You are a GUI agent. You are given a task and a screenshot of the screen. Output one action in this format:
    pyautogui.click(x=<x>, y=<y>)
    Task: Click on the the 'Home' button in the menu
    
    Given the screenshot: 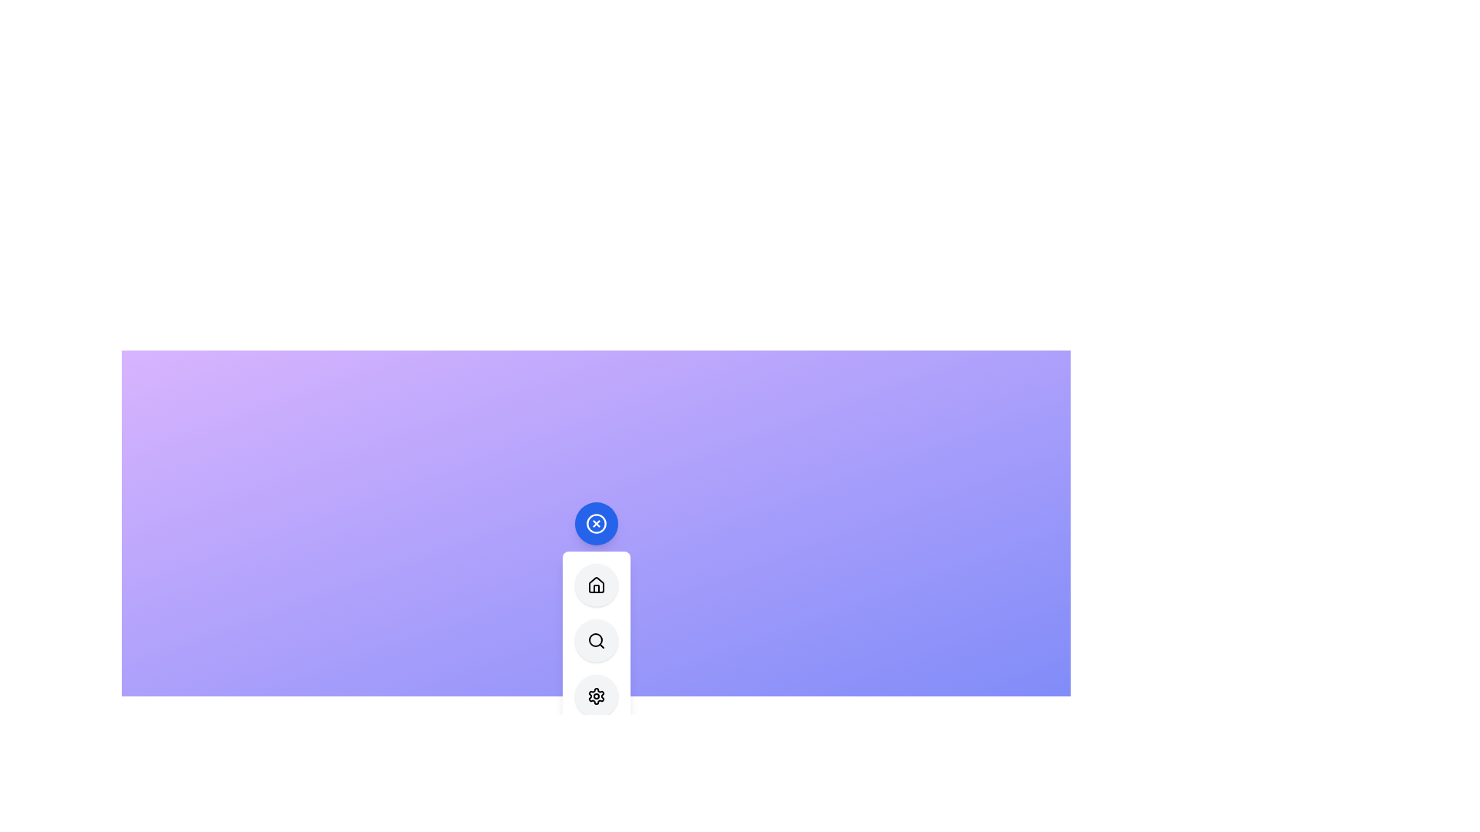 What is the action you would take?
    pyautogui.click(x=595, y=585)
    